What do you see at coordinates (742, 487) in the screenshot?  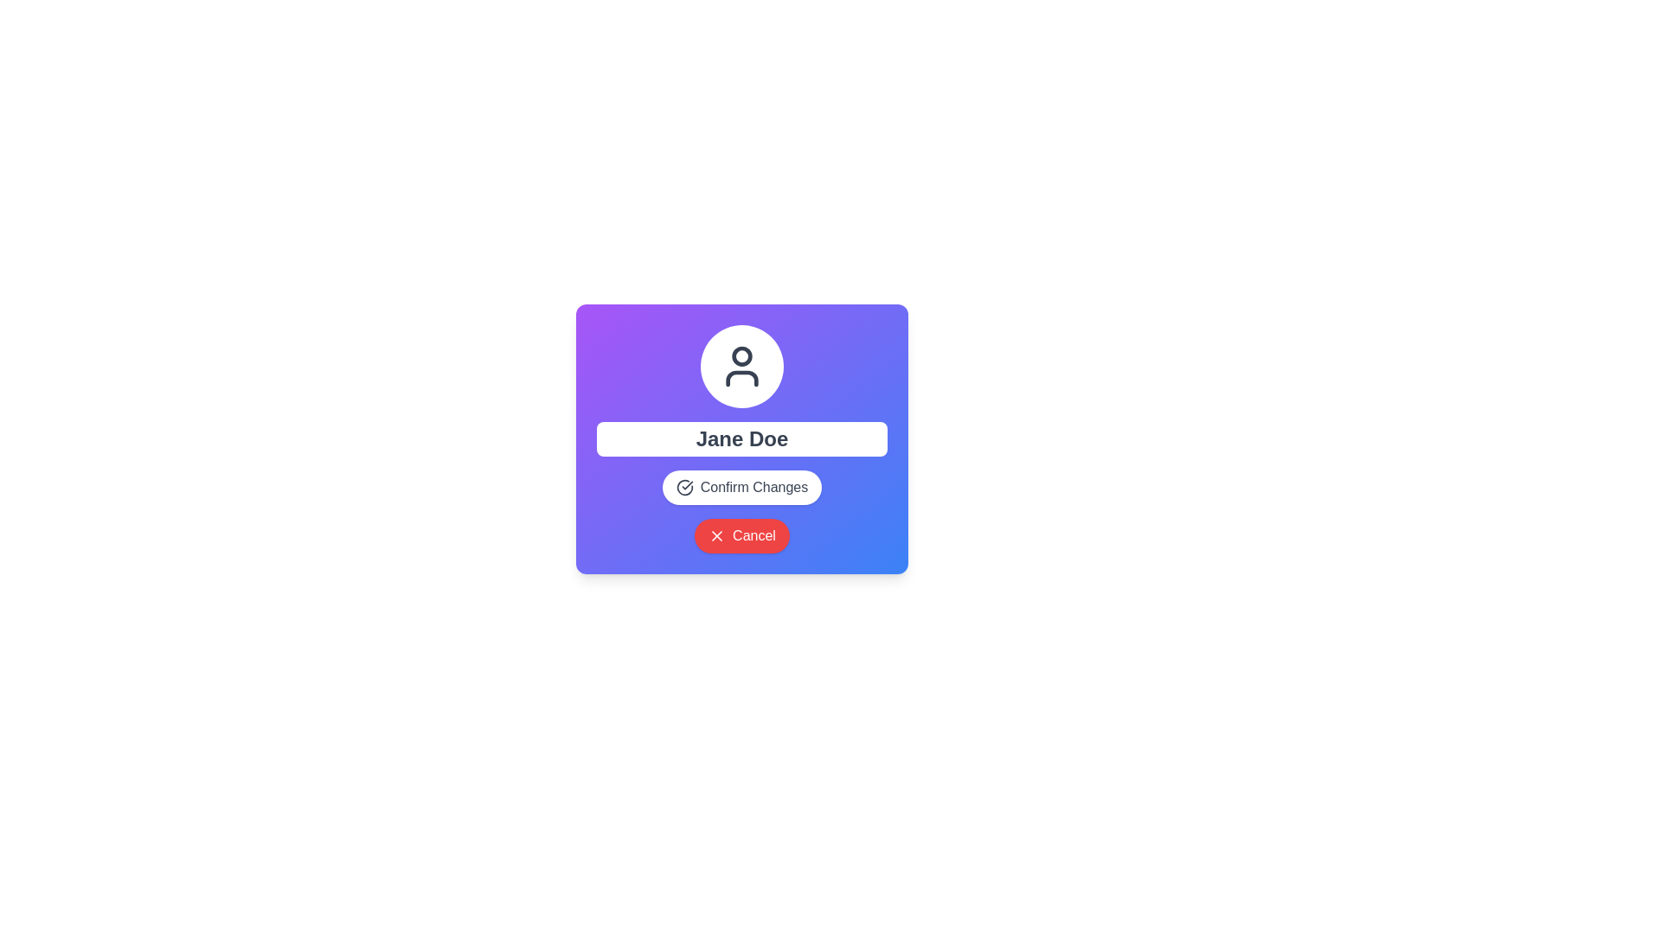 I see `the 'Confirm Changes' button, which is a rounded rectangular button with a white background and gray text, featuring a checkmark icon to its left, positioned directly below 'Jane Doe'` at bounding box center [742, 487].